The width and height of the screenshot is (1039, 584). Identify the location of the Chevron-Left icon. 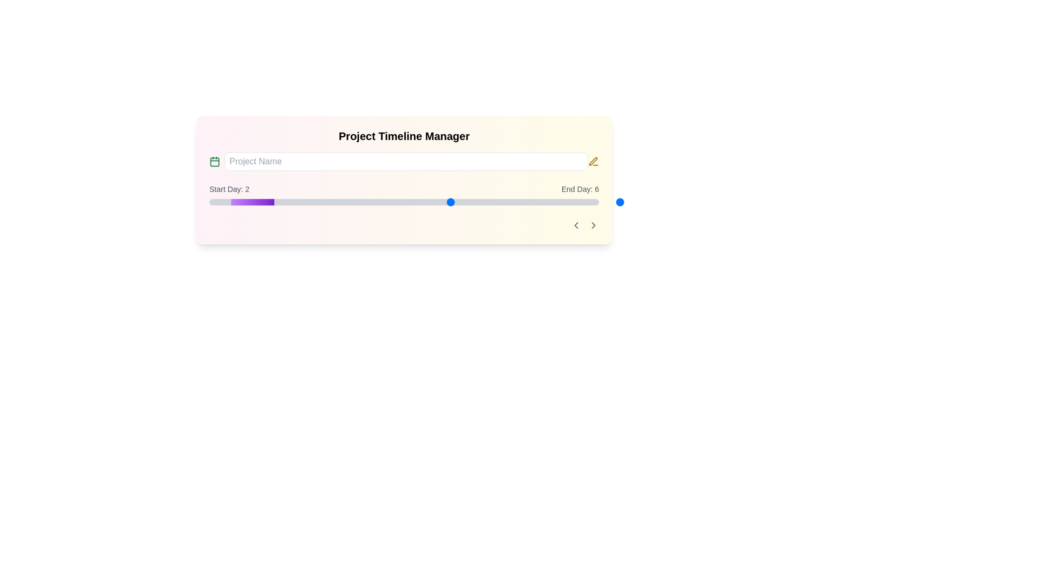
(576, 224).